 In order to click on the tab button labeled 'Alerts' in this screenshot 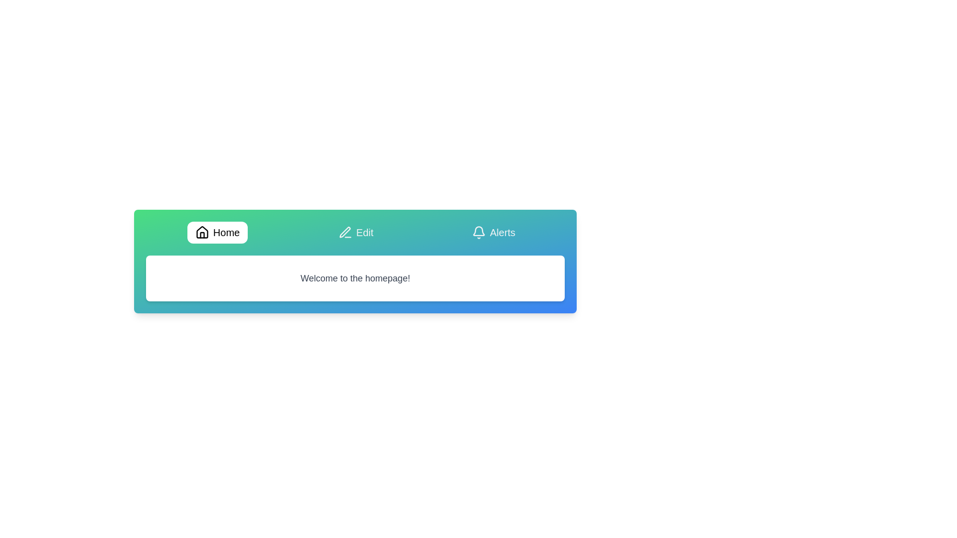, I will do `click(493, 232)`.